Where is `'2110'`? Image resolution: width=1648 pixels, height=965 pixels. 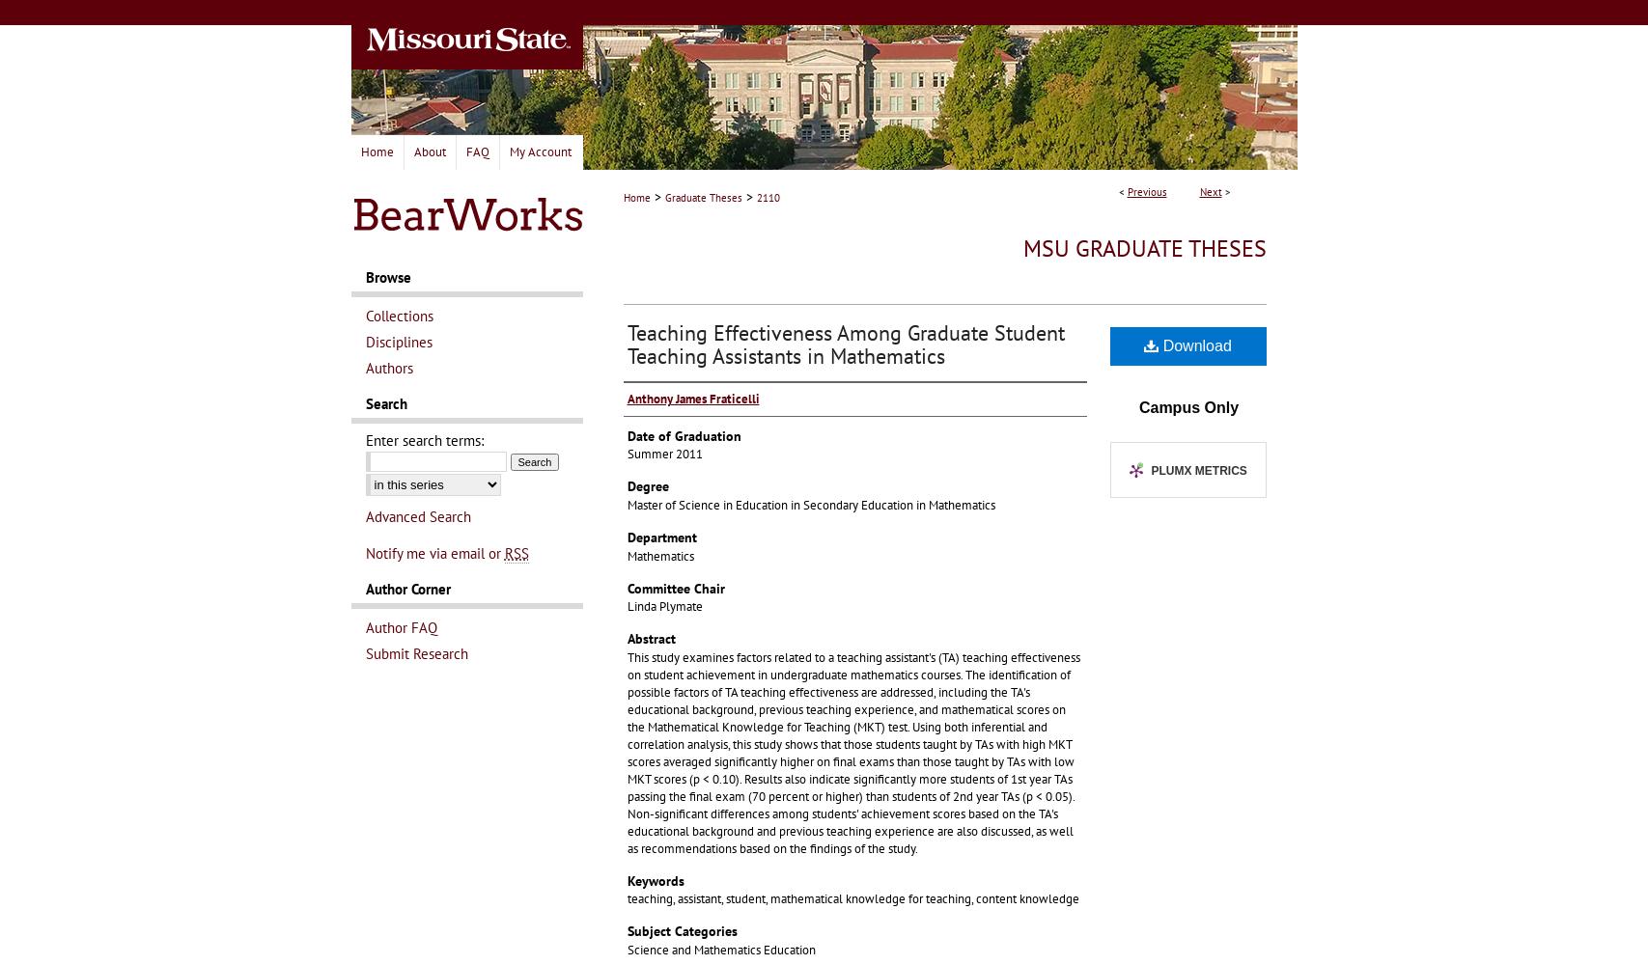
'2110' is located at coordinates (767, 197).